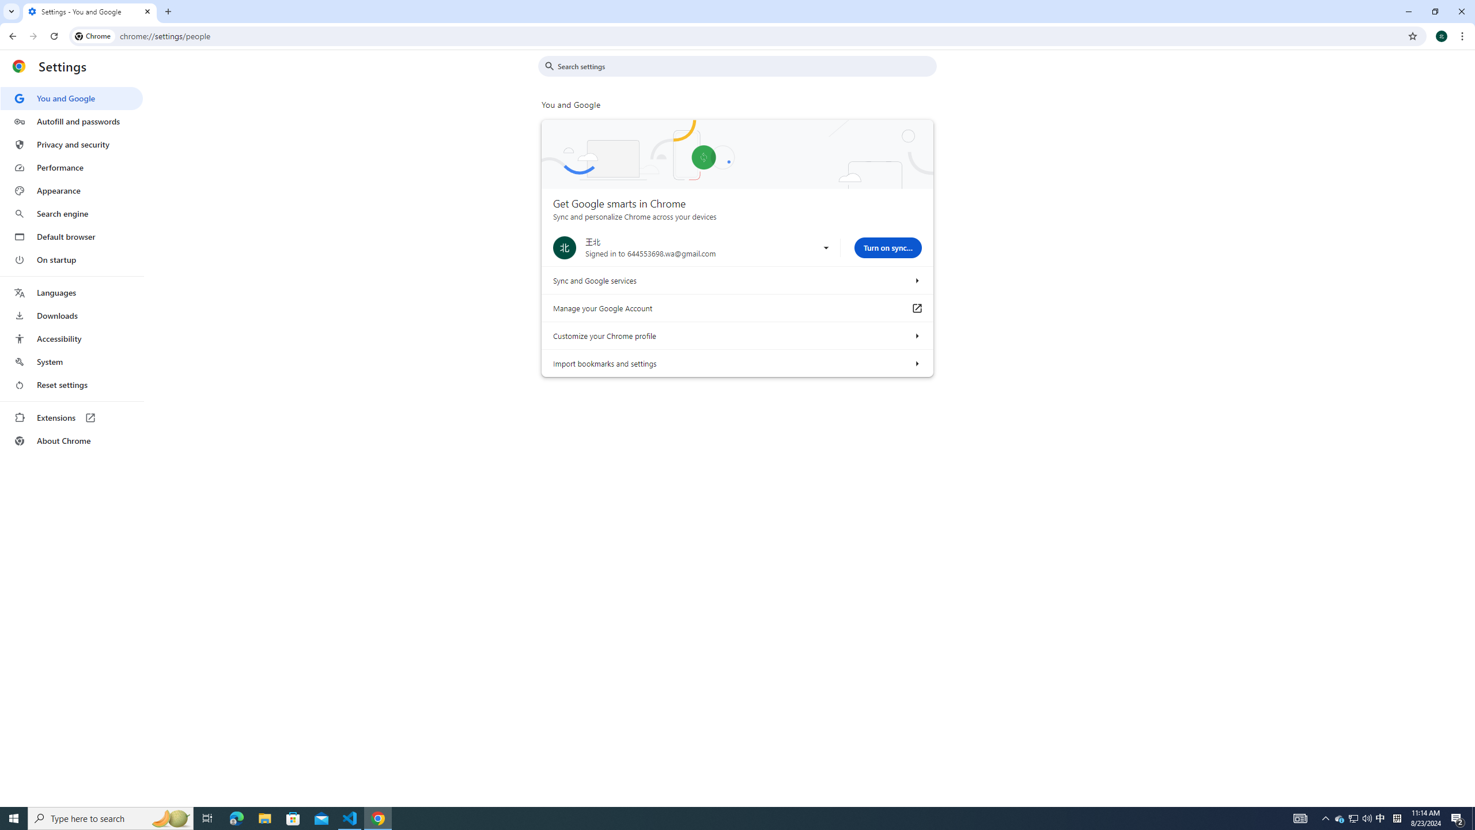 This screenshot has height=830, width=1475. Describe the element at coordinates (71, 144) in the screenshot. I see `'Privacy and security'` at that location.